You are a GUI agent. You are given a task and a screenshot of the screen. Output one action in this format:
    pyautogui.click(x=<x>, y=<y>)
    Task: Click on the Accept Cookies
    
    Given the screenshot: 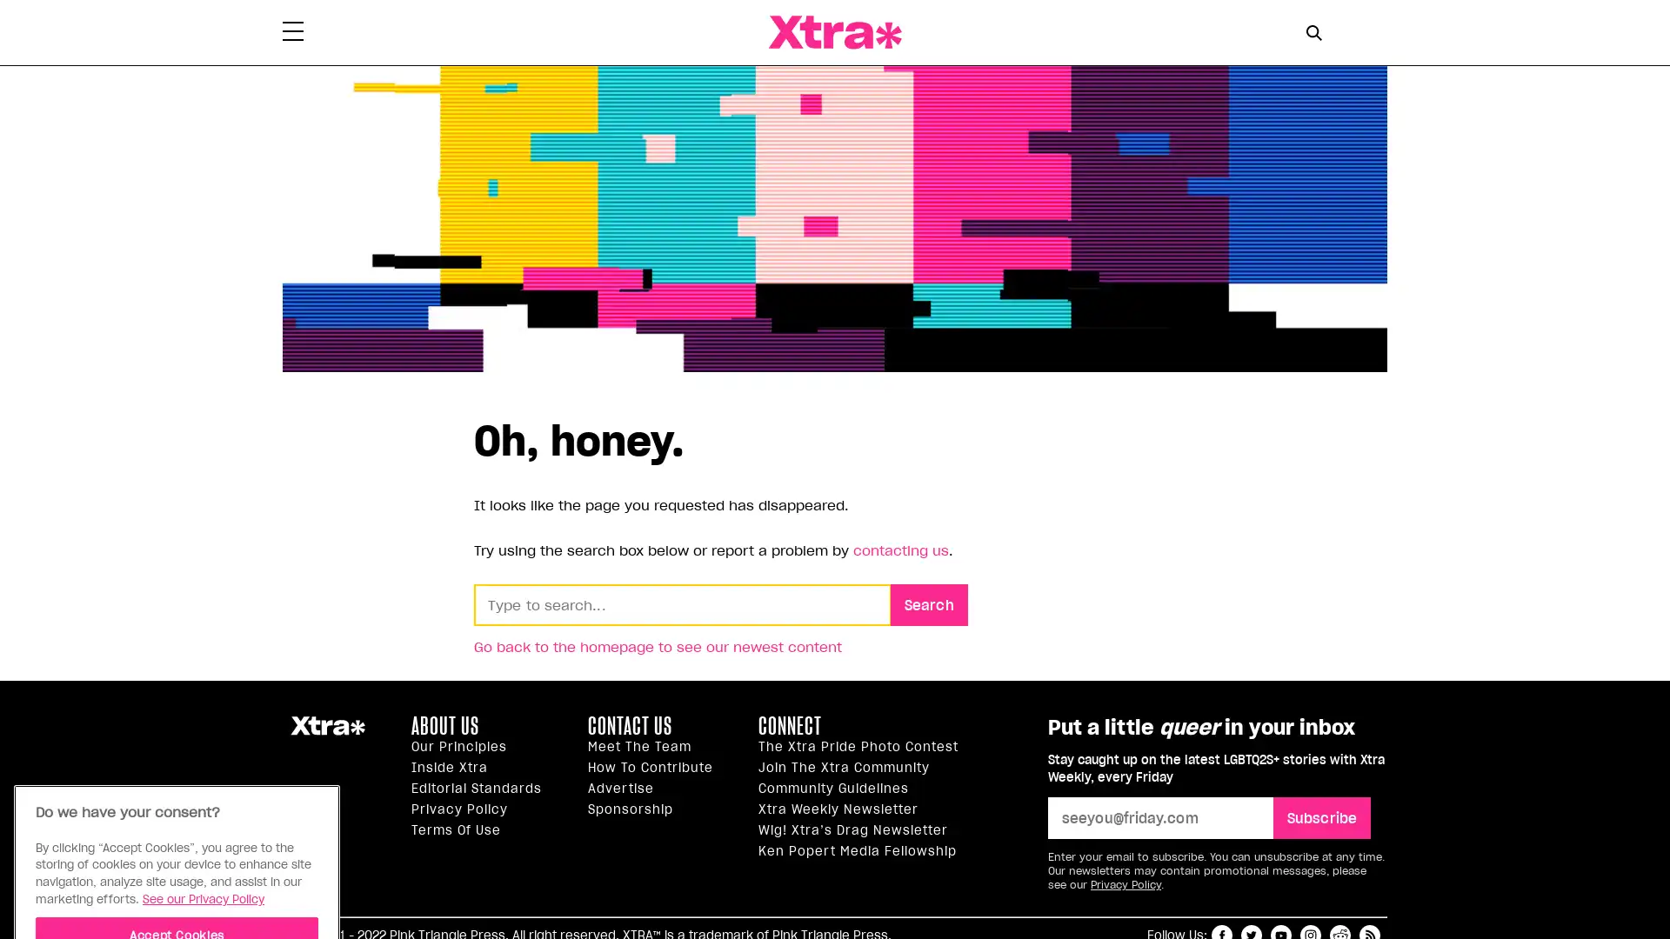 What is the action you would take?
    pyautogui.click(x=177, y=824)
    